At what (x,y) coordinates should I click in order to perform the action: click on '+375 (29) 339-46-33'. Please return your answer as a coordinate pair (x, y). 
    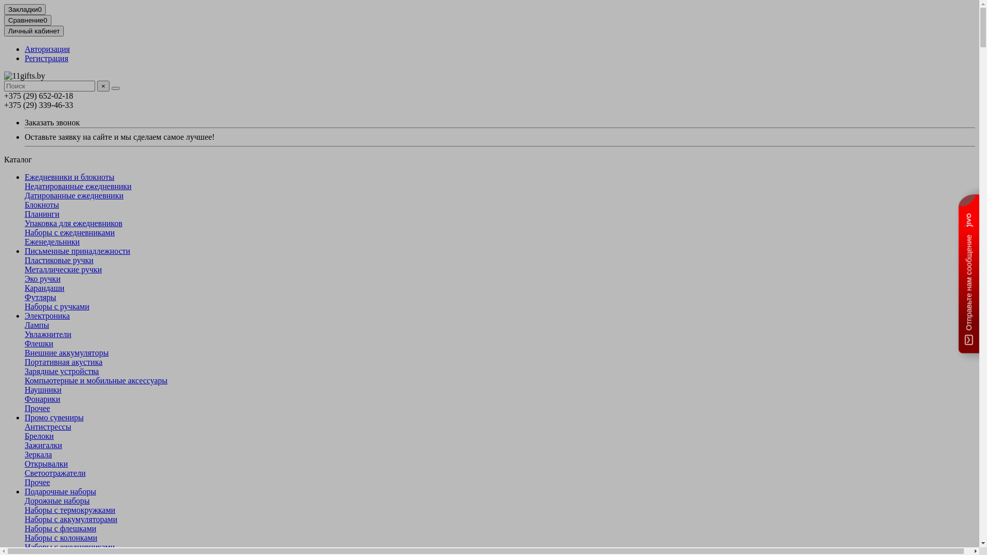
    Looking at the image, I should click on (39, 105).